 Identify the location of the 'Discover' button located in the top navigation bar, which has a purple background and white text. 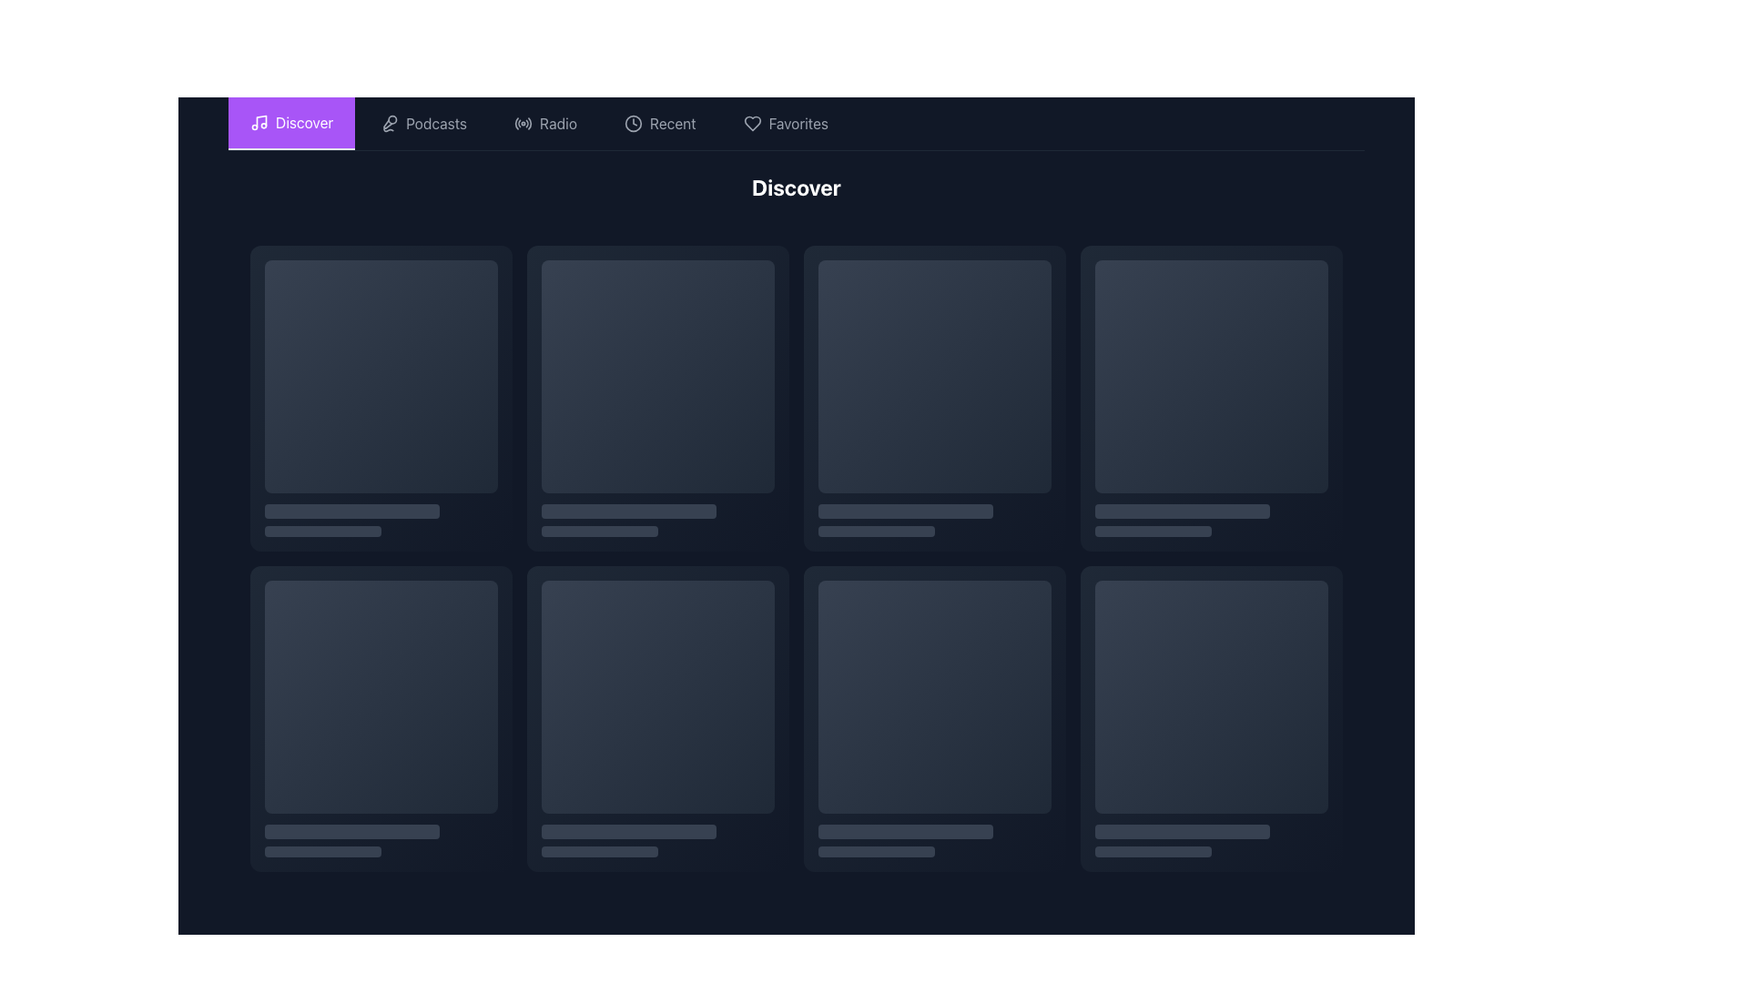
(291, 123).